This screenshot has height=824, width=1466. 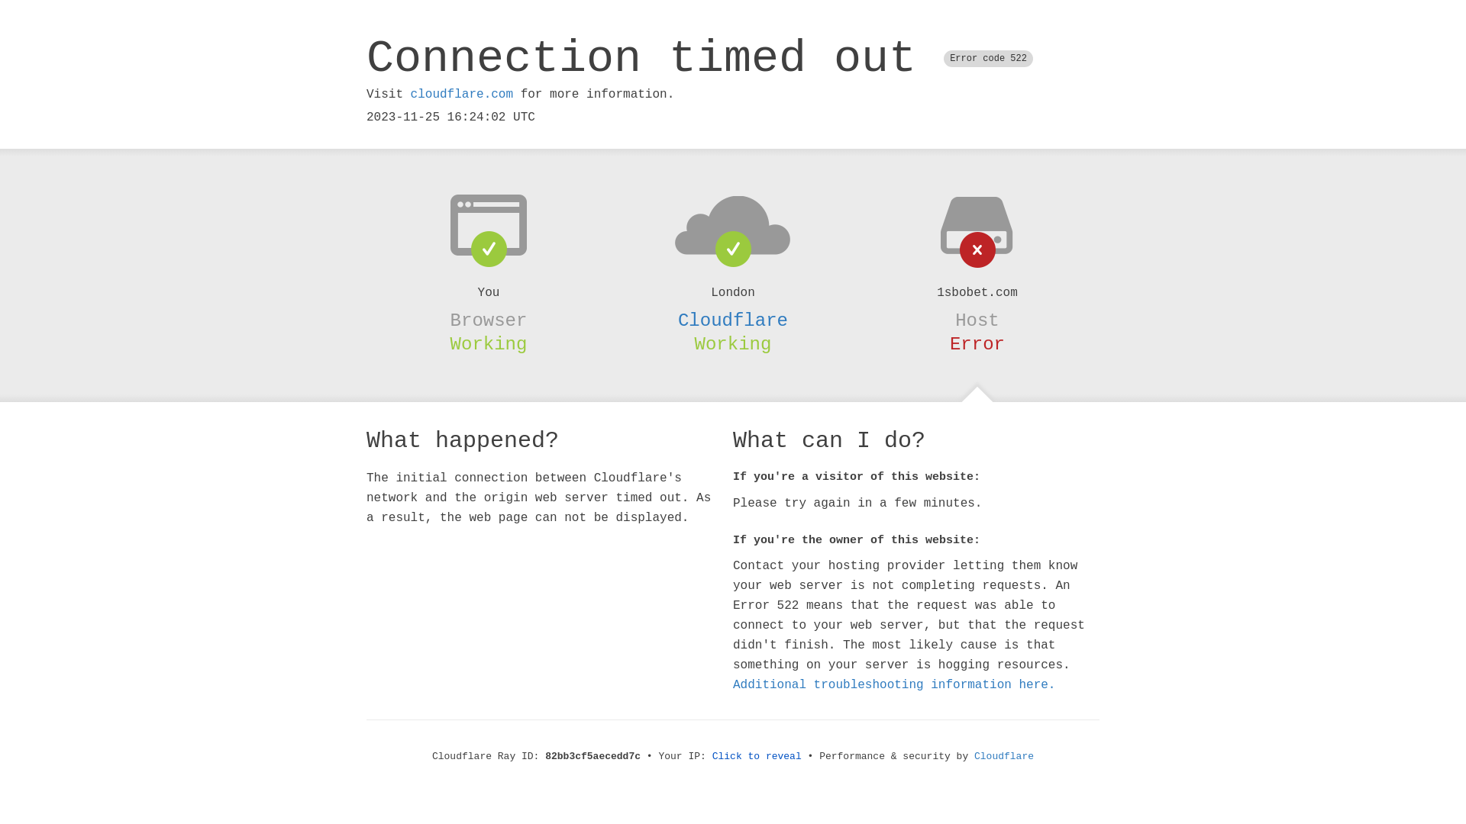 I want to click on 'cloudflare.com', so click(x=460, y=94).